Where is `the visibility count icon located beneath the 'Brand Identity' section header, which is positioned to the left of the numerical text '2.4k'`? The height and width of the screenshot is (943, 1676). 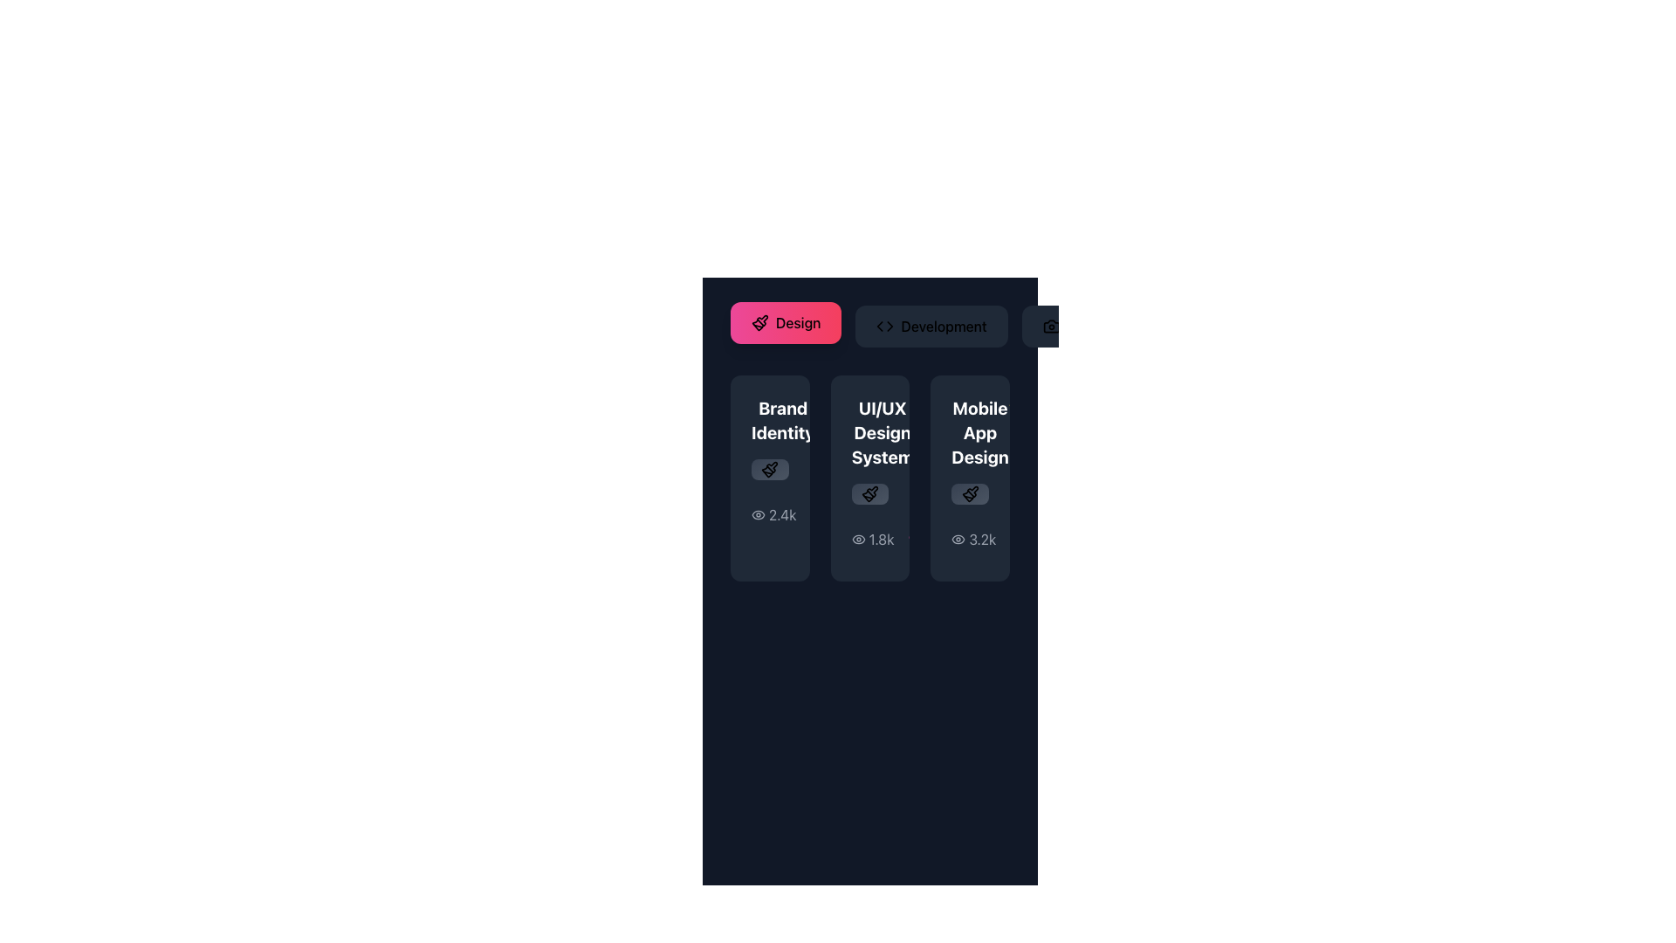
the visibility count icon located beneath the 'Brand Identity' section header, which is positioned to the left of the numerical text '2.4k' is located at coordinates (758, 513).